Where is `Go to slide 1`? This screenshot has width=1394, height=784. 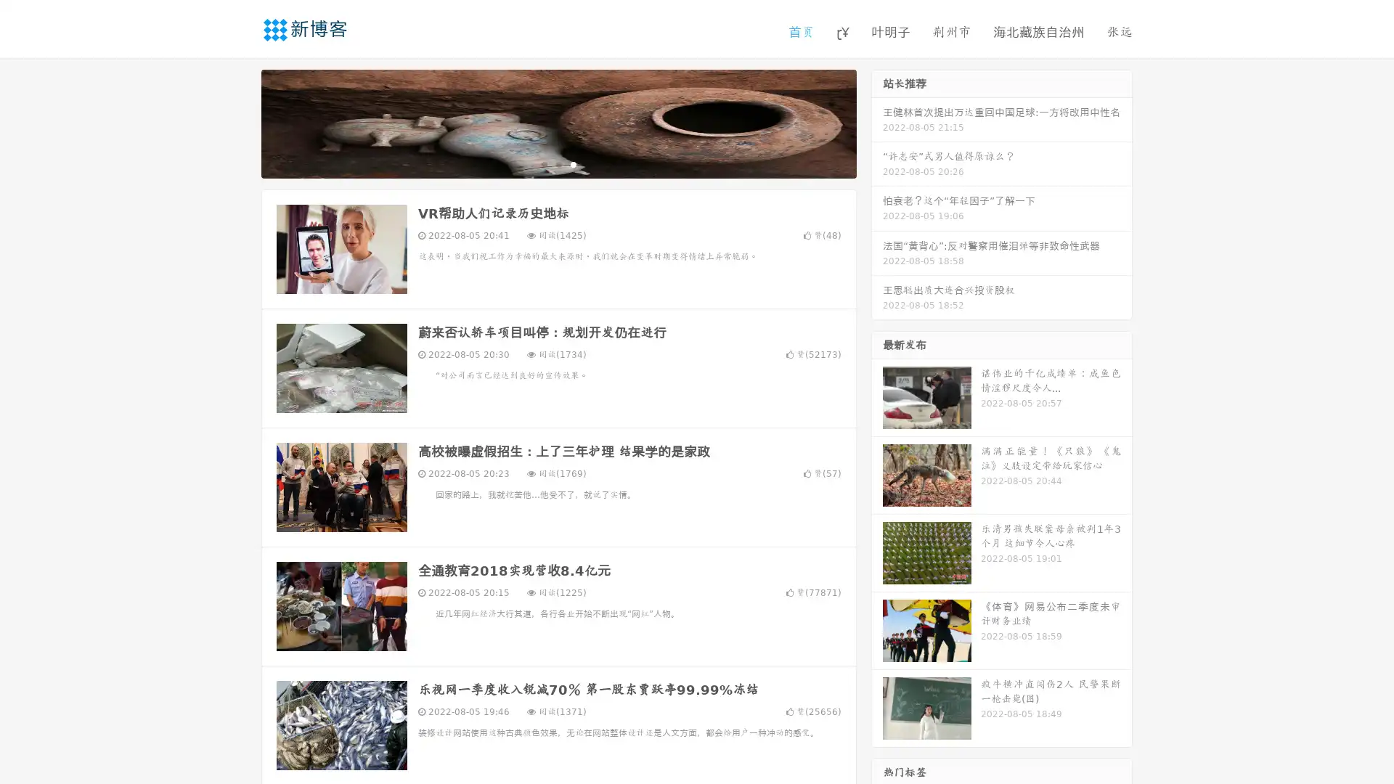
Go to slide 1 is located at coordinates (543, 163).